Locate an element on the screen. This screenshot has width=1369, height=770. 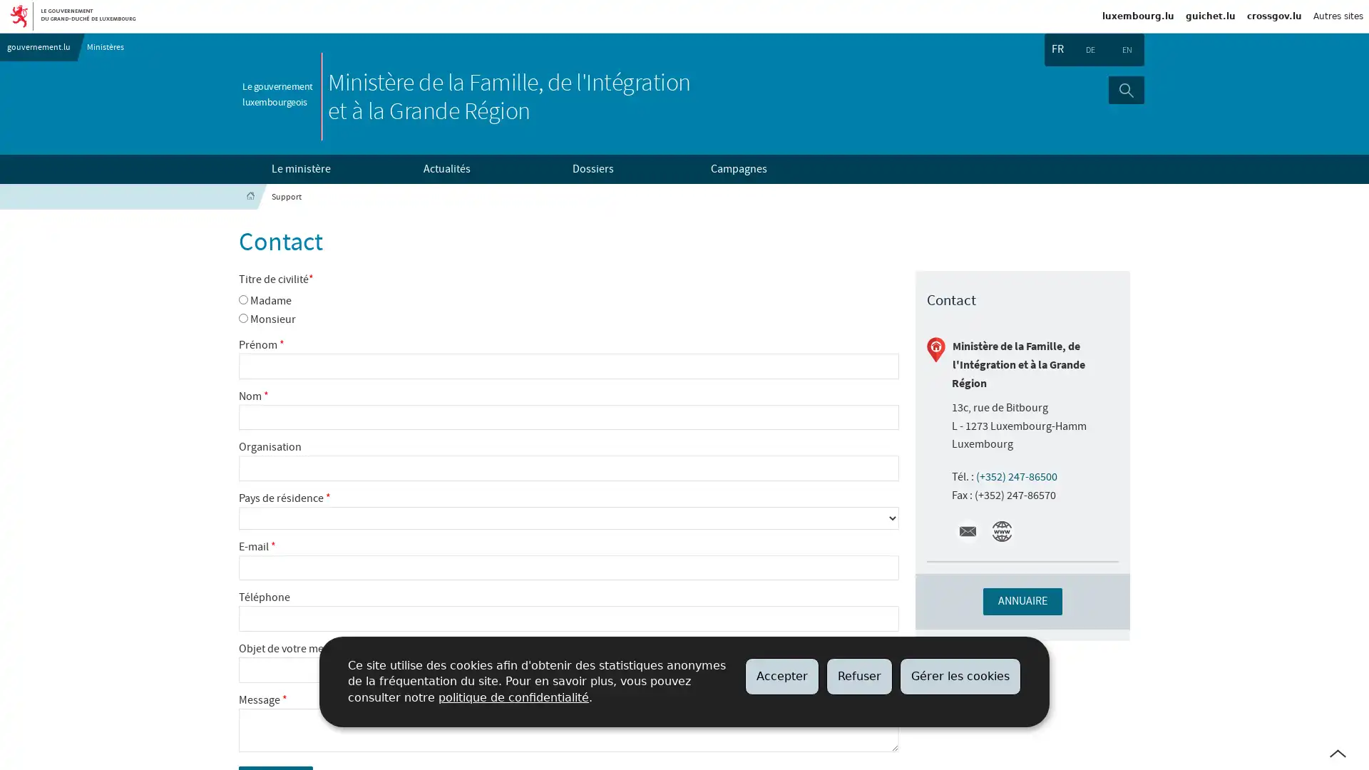
Rechercher is located at coordinates (1125, 90).